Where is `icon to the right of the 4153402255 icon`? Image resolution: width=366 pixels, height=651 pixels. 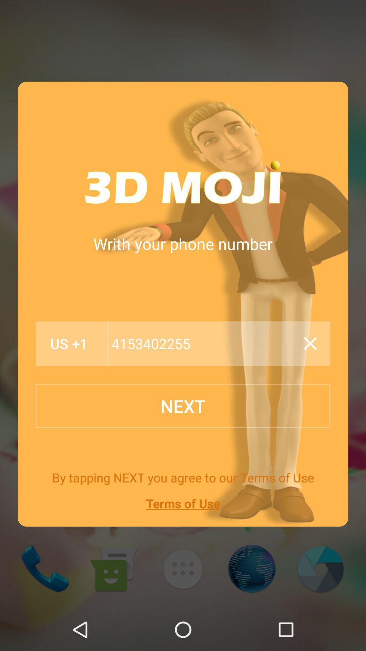 icon to the right of the 4153402255 icon is located at coordinates (310, 343).